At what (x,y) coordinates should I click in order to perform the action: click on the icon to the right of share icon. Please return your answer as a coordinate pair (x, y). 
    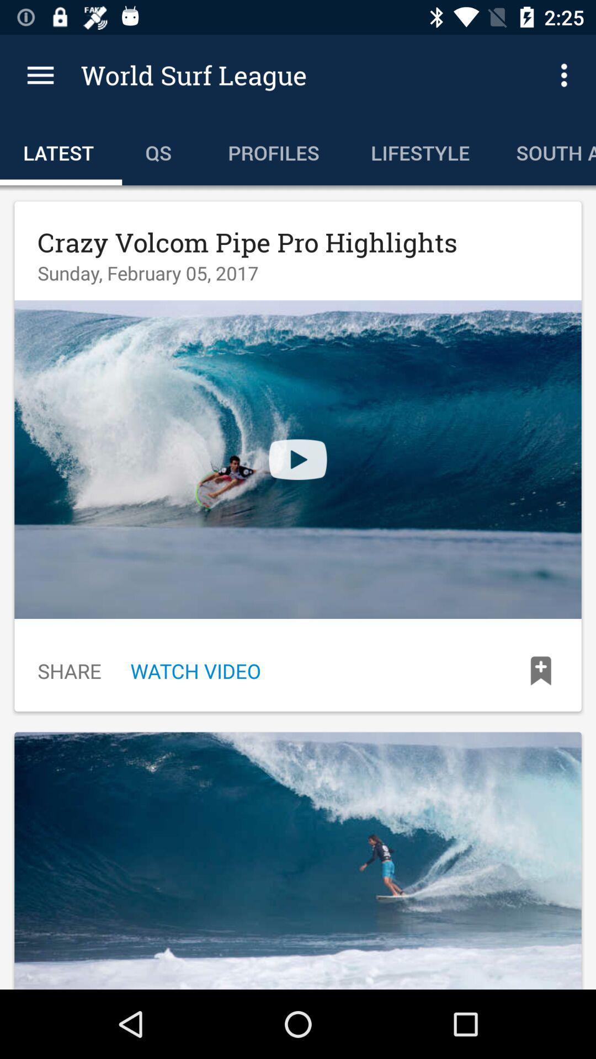
    Looking at the image, I should click on (195, 670).